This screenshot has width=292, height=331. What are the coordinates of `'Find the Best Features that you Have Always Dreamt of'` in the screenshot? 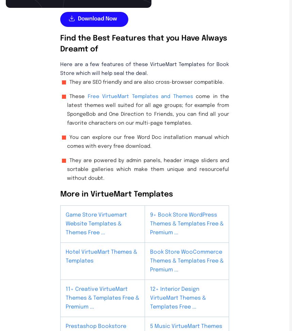 It's located at (143, 44).